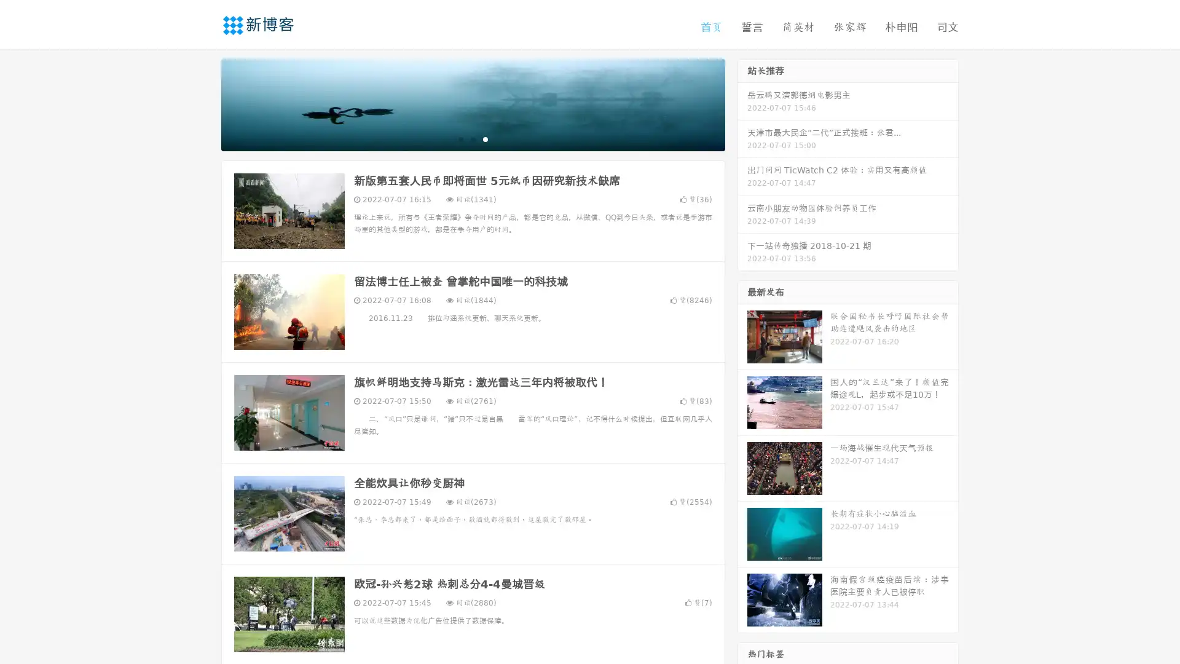 The image size is (1180, 664). Describe the element at coordinates (460, 138) in the screenshot. I see `Go to slide 1` at that location.